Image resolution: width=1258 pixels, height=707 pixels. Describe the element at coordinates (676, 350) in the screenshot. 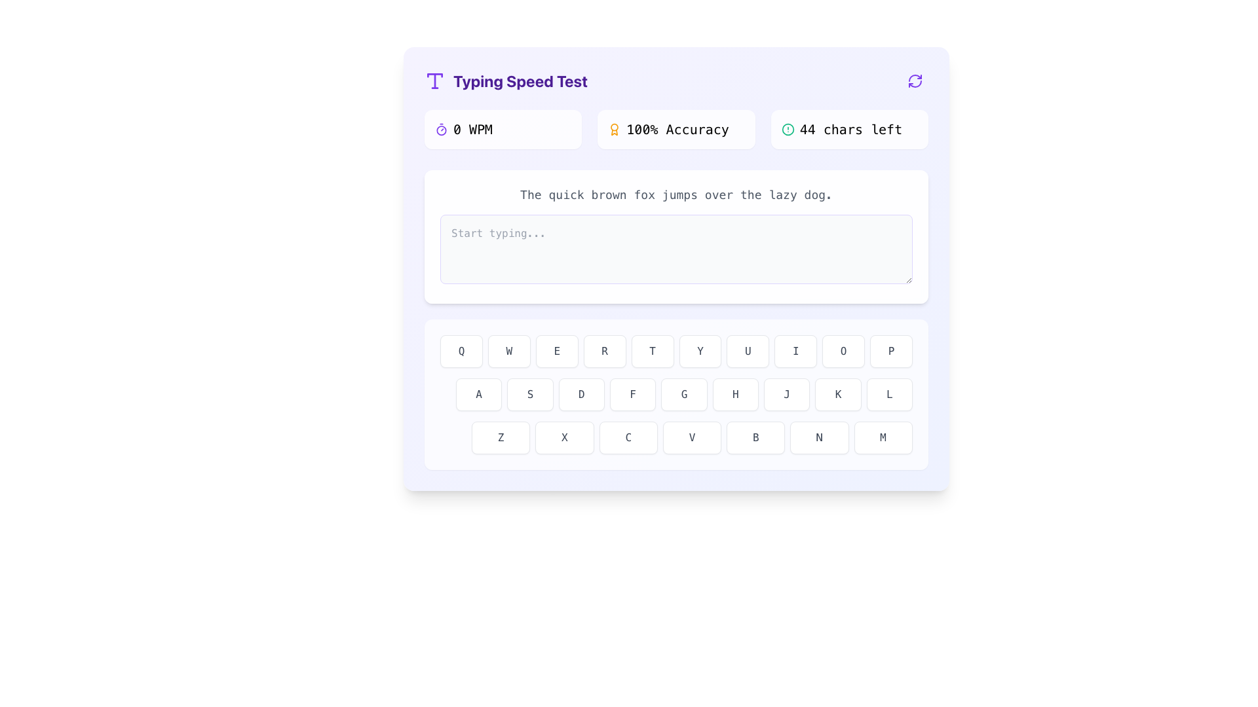

I see `the topmost row of keys styled as a keyboard key row` at that location.